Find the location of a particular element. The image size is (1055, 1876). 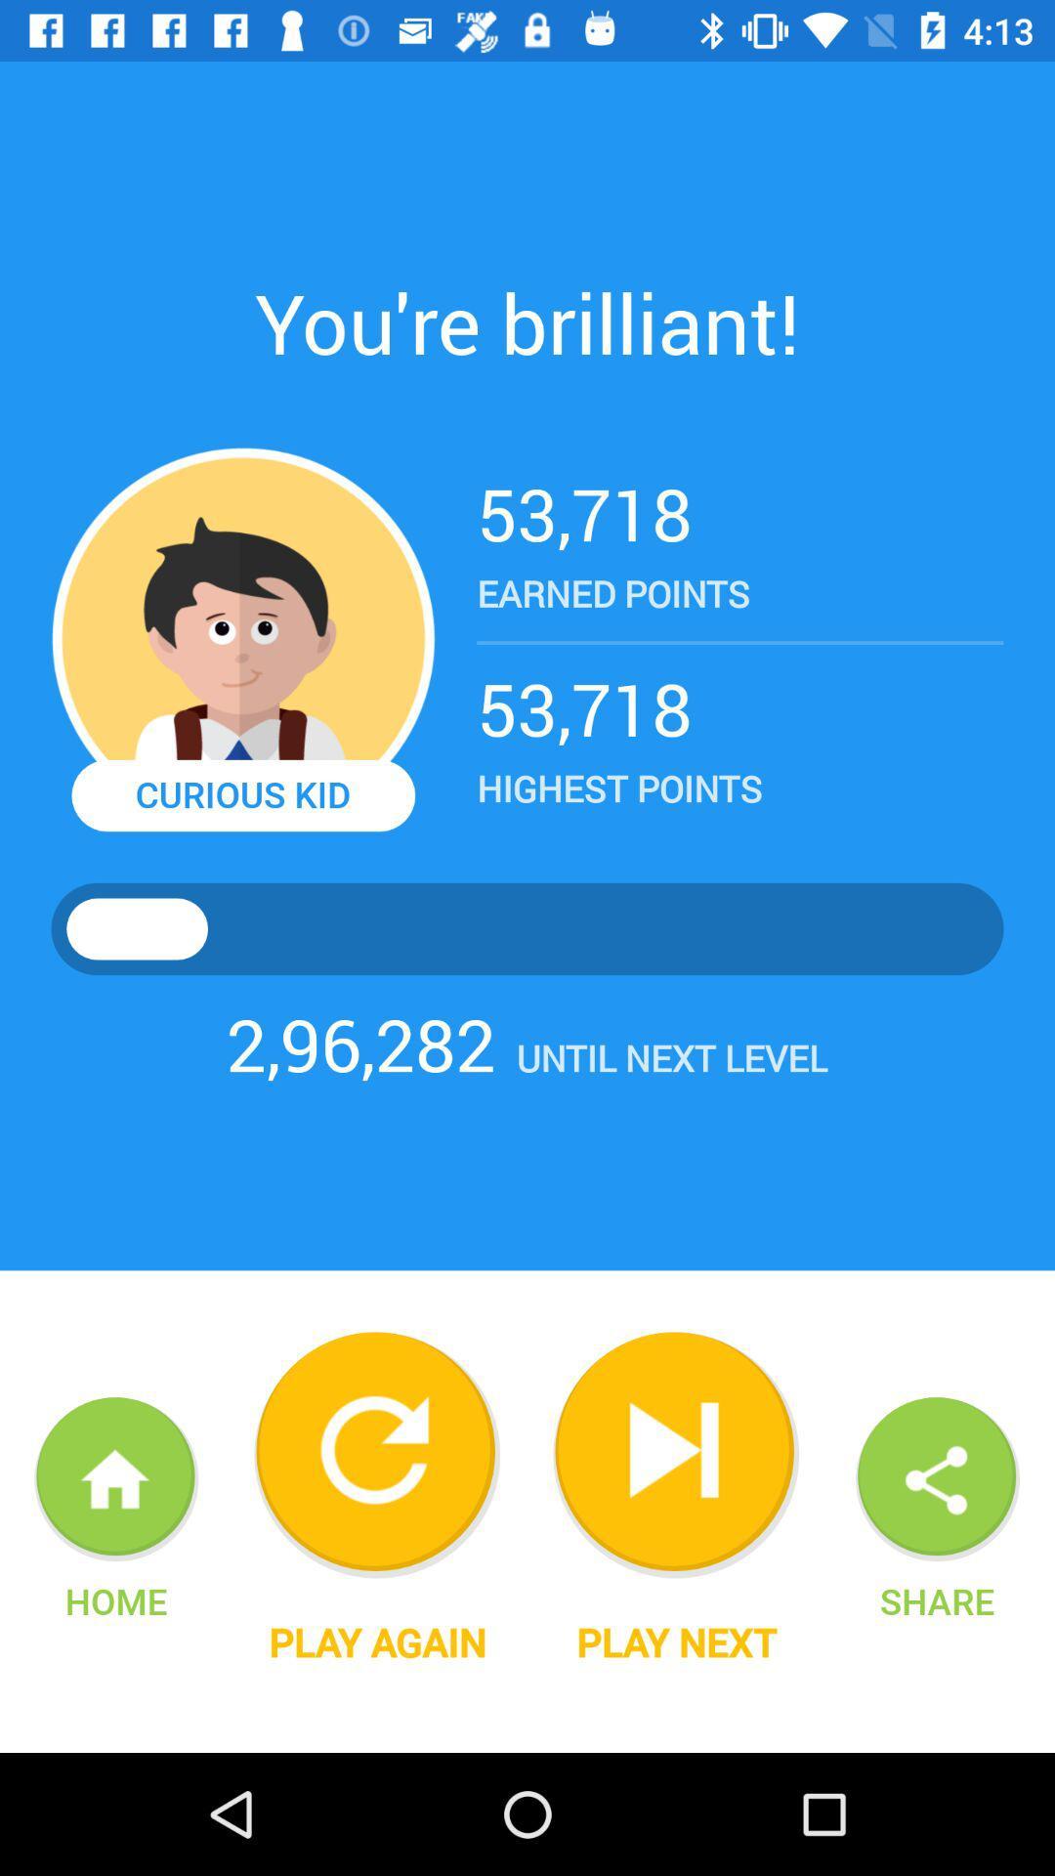

the icon next to the share item is located at coordinates (675, 1641).